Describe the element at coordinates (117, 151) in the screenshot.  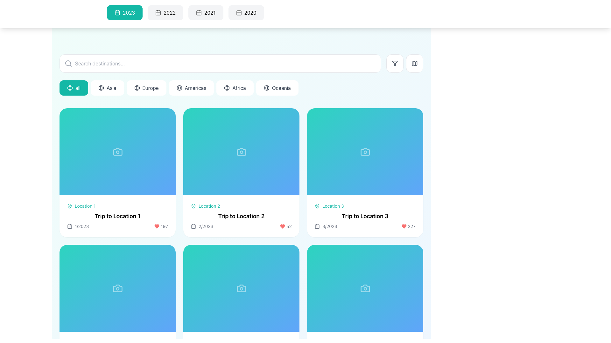
I see `the photography or image-related static icon located near the top-center of the 'Trip to Location 1' tile in the grid layout` at that location.